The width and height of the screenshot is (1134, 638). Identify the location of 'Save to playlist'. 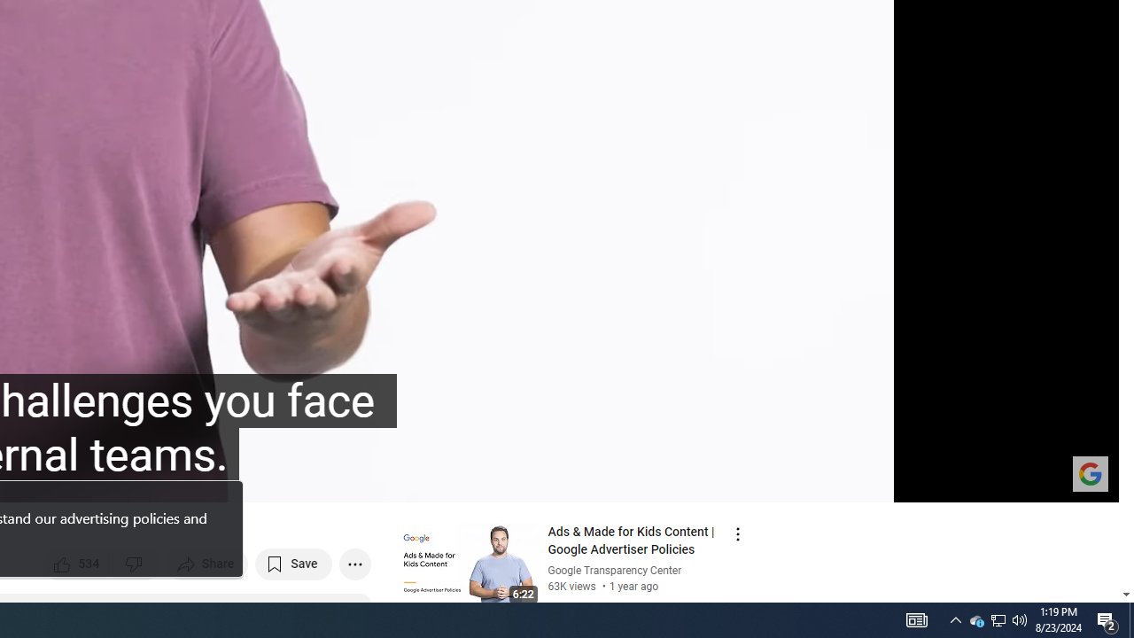
(293, 564).